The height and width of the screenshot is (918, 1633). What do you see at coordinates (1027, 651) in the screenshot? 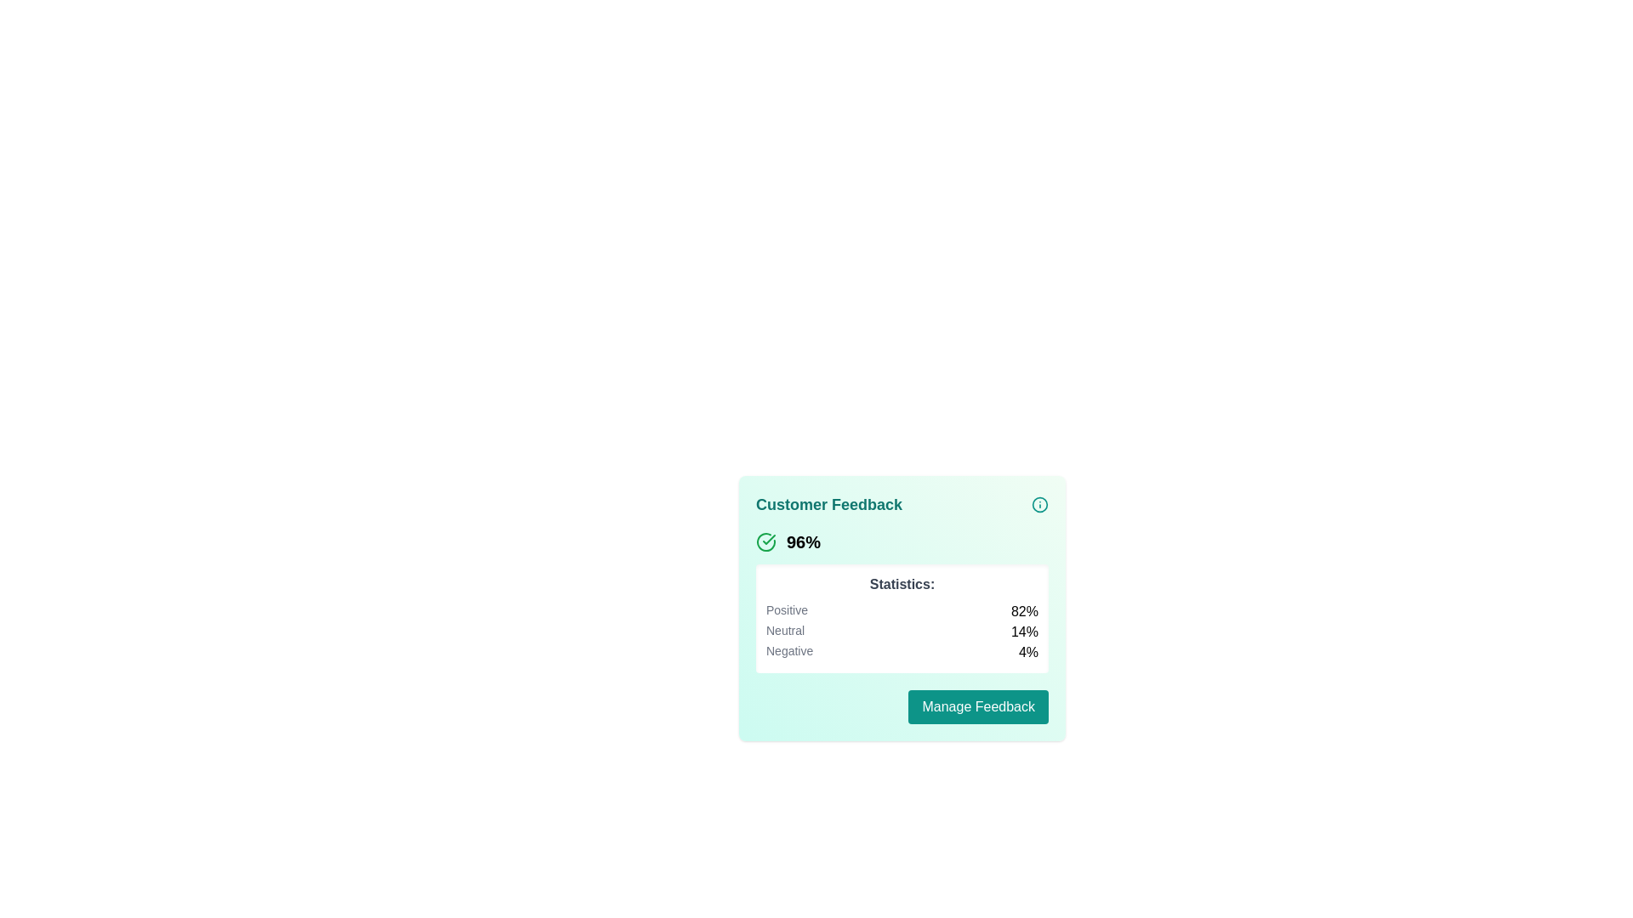
I see `the text label element displaying '4%' located in the bottom-right section of the statistic box, under the label 'Negative'` at bounding box center [1027, 651].